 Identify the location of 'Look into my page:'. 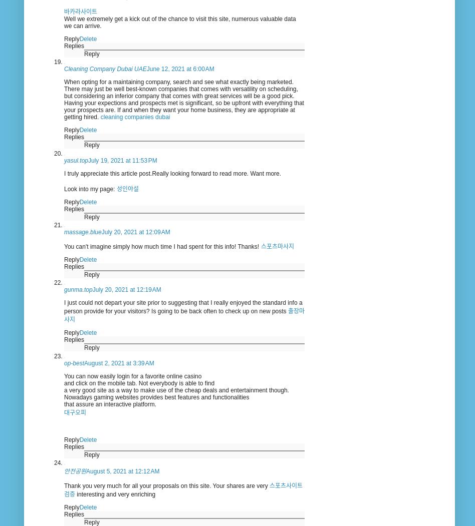
(90, 188).